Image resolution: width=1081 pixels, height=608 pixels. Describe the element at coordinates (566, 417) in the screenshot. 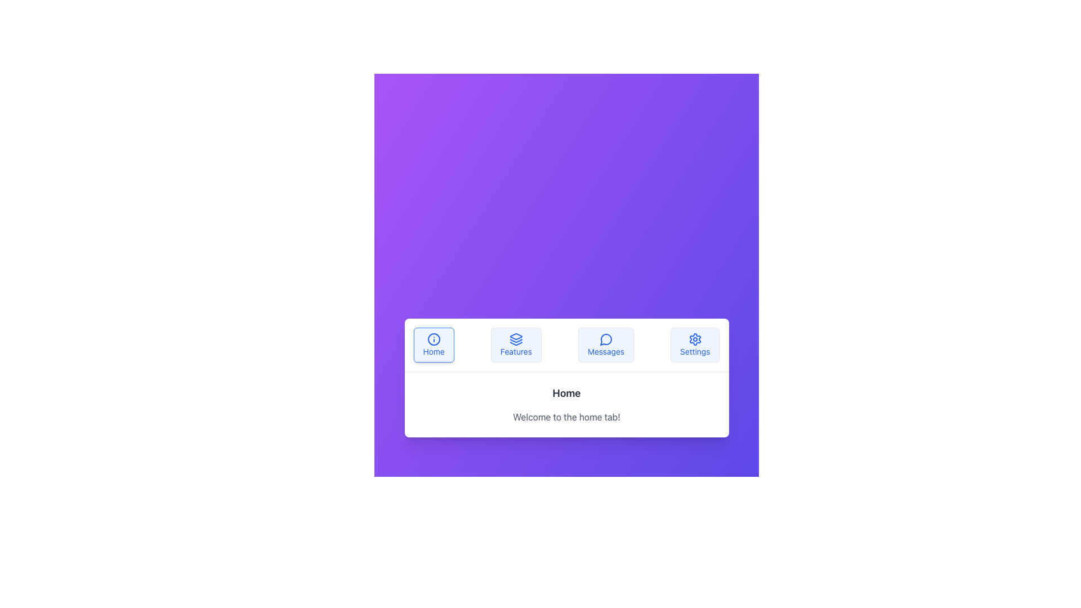

I see `the static text label that says 'Welcome to the home tab!', which is positioned below the 'Home' text element in the lower part of the interface` at that location.